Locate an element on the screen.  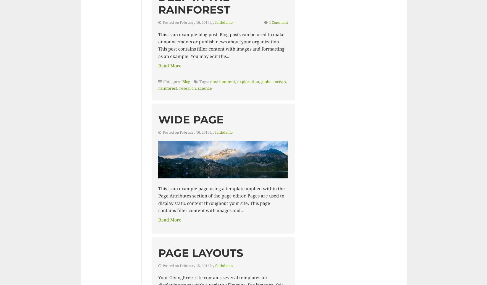
'research' is located at coordinates (179, 88).